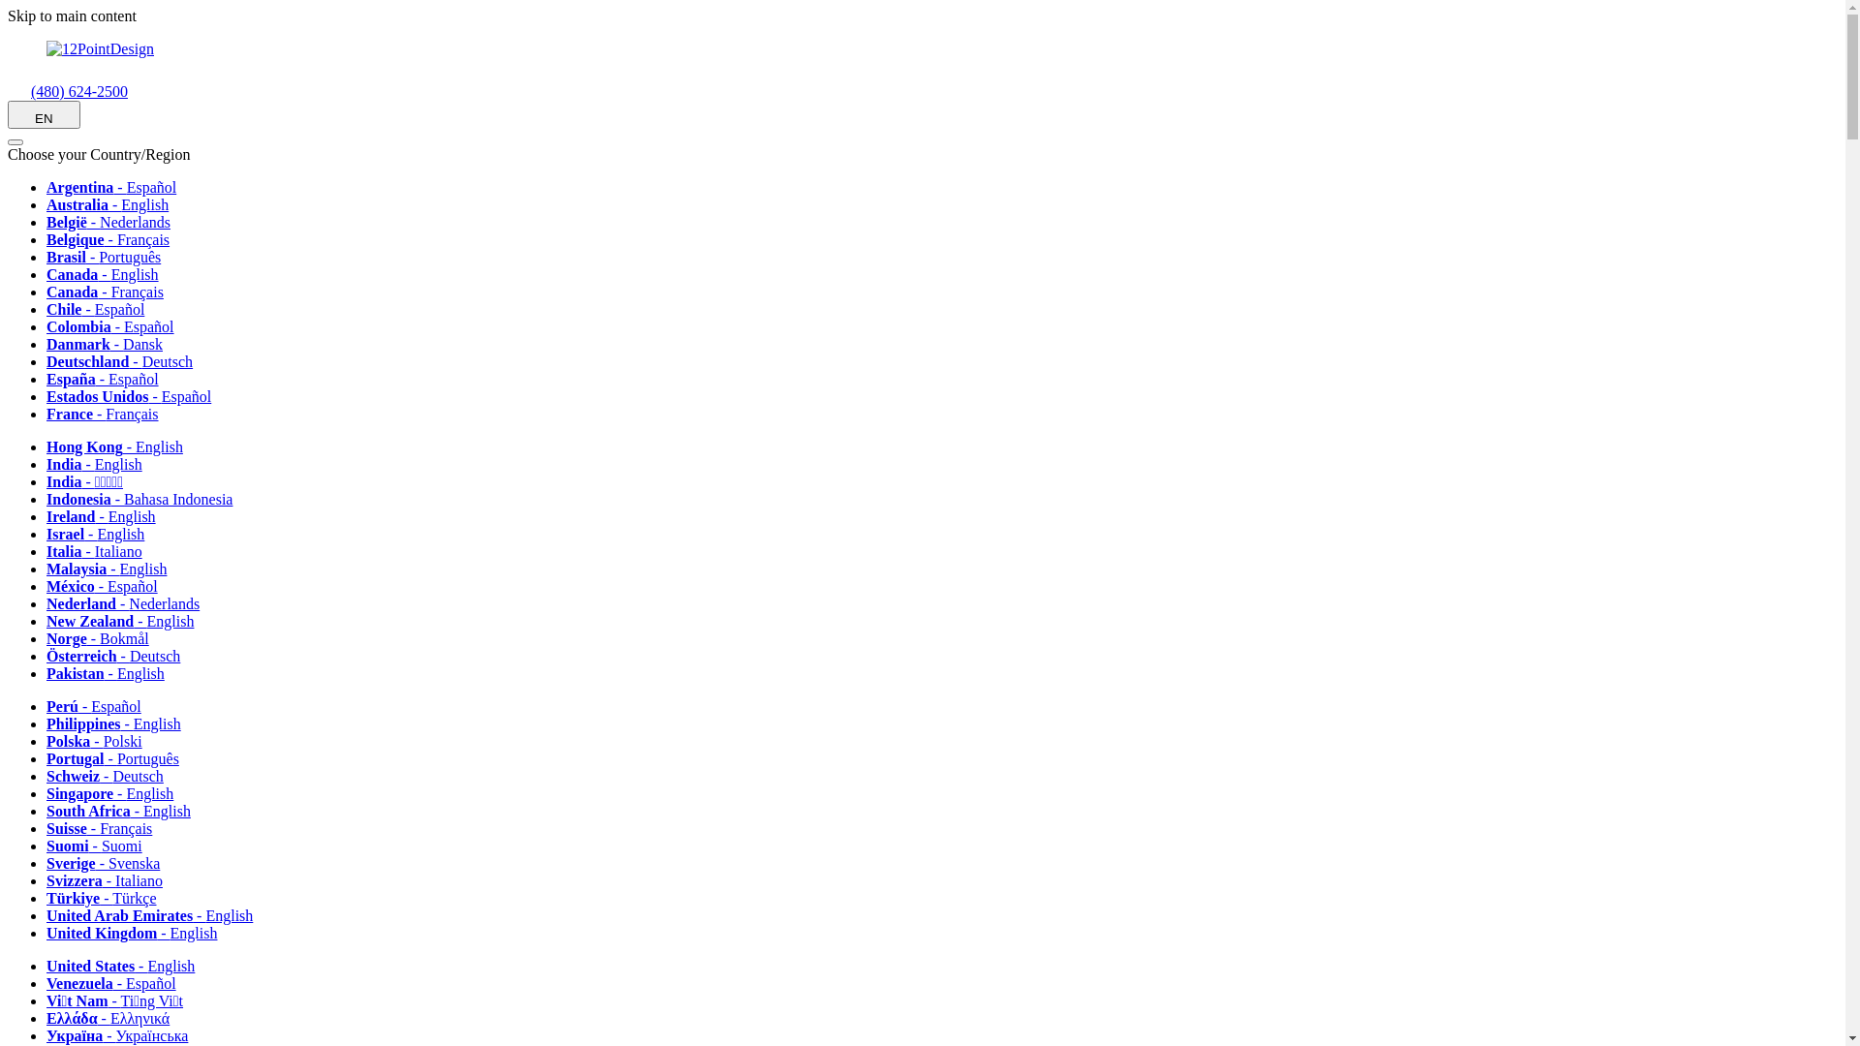  What do you see at coordinates (125, 361) in the screenshot?
I see `'Deutschland - Deutsch'` at bounding box center [125, 361].